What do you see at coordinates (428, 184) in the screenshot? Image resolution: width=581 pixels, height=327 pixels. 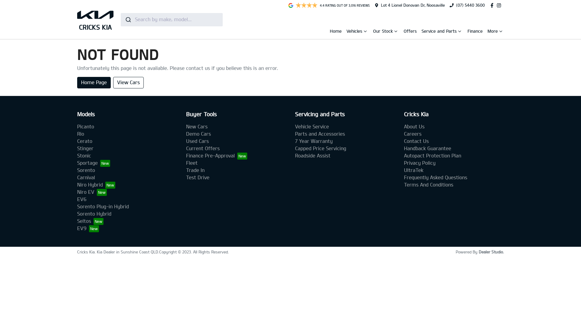 I see `'Terms And Conditions'` at bounding box center [428, 184].